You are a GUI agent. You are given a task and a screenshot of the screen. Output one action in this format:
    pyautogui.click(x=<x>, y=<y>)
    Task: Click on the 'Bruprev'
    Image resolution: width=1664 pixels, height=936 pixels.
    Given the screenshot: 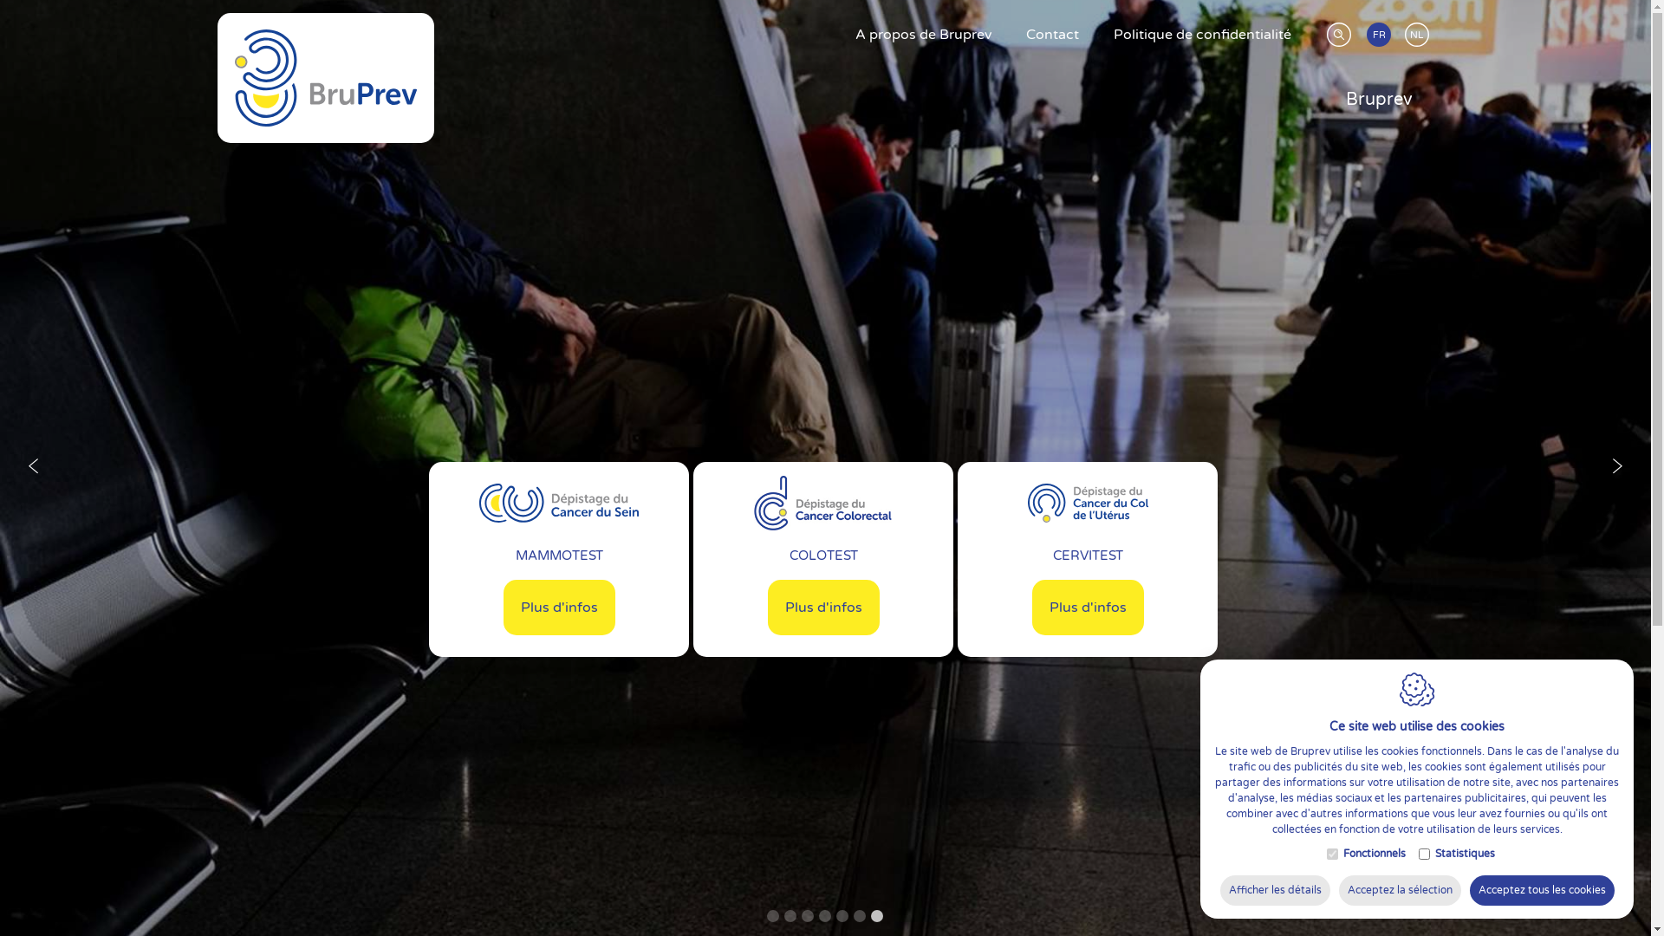 What is the action you would take?
    pyautogui.click(x=1377, y=100)
    